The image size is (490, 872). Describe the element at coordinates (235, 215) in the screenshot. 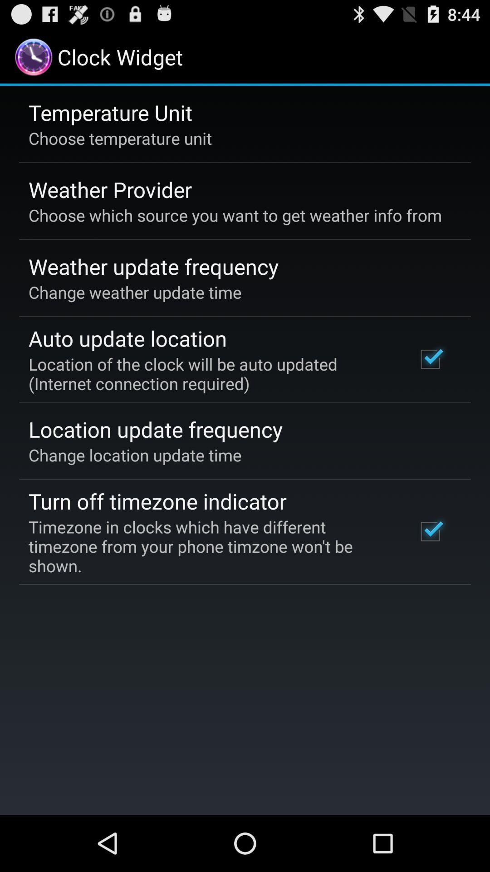

I see `the item above the weather update frequency` at that location.